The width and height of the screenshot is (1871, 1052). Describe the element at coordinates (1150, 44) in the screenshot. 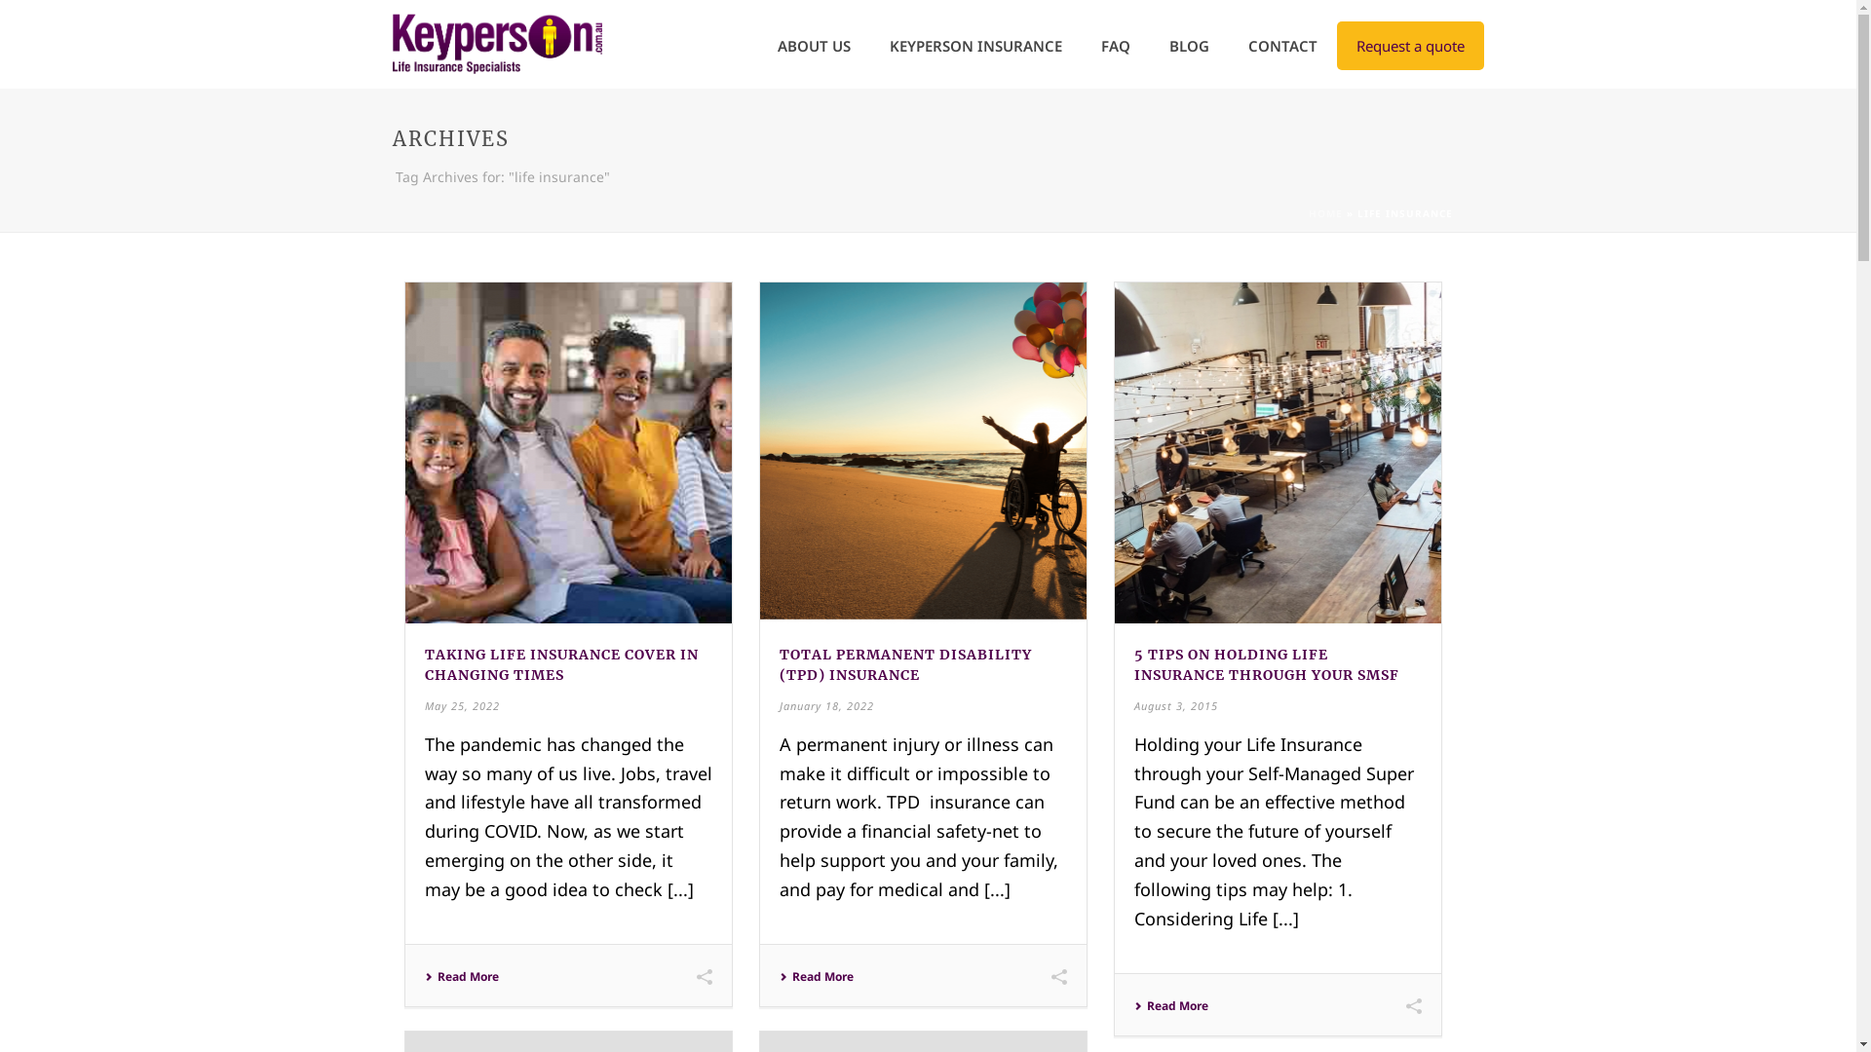

I see `'BLOG'` at that location.